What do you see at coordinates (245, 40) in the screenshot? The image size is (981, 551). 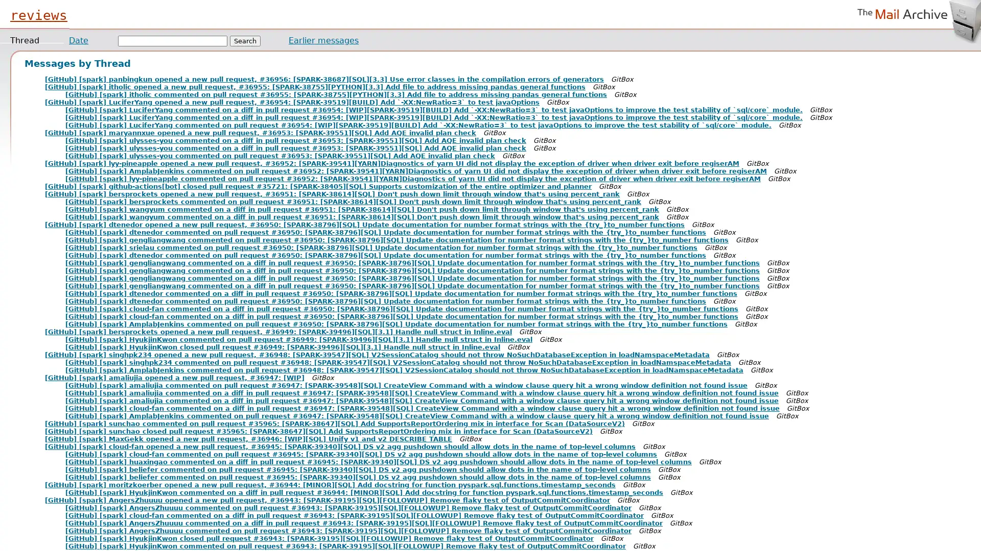 I see `Search` at bounding box center [245, 40].